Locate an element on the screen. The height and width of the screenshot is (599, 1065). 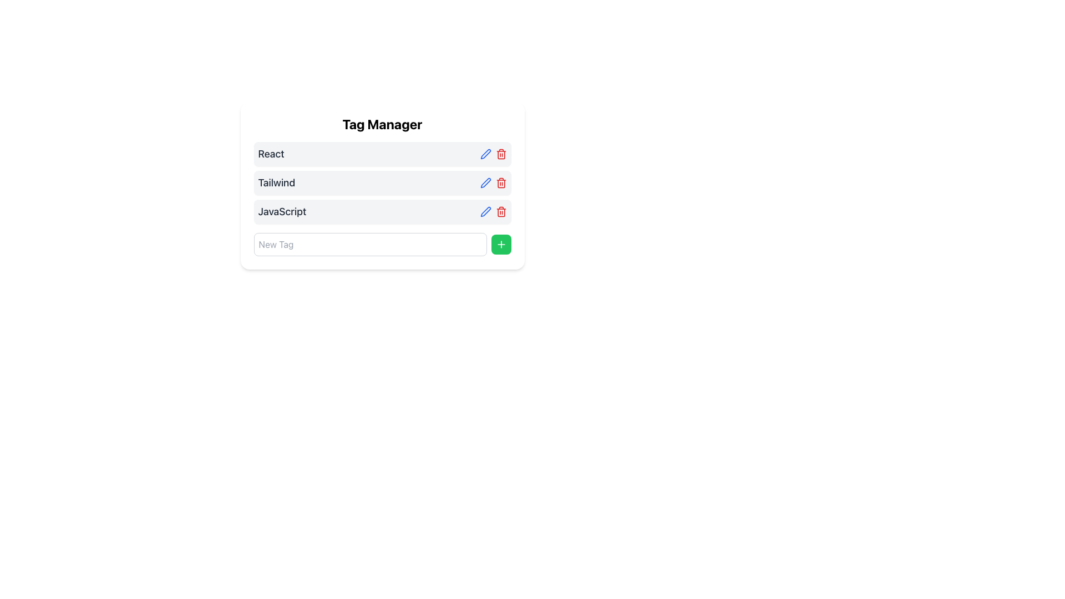
the red trash bin icon is located at coordinates (493, 154).